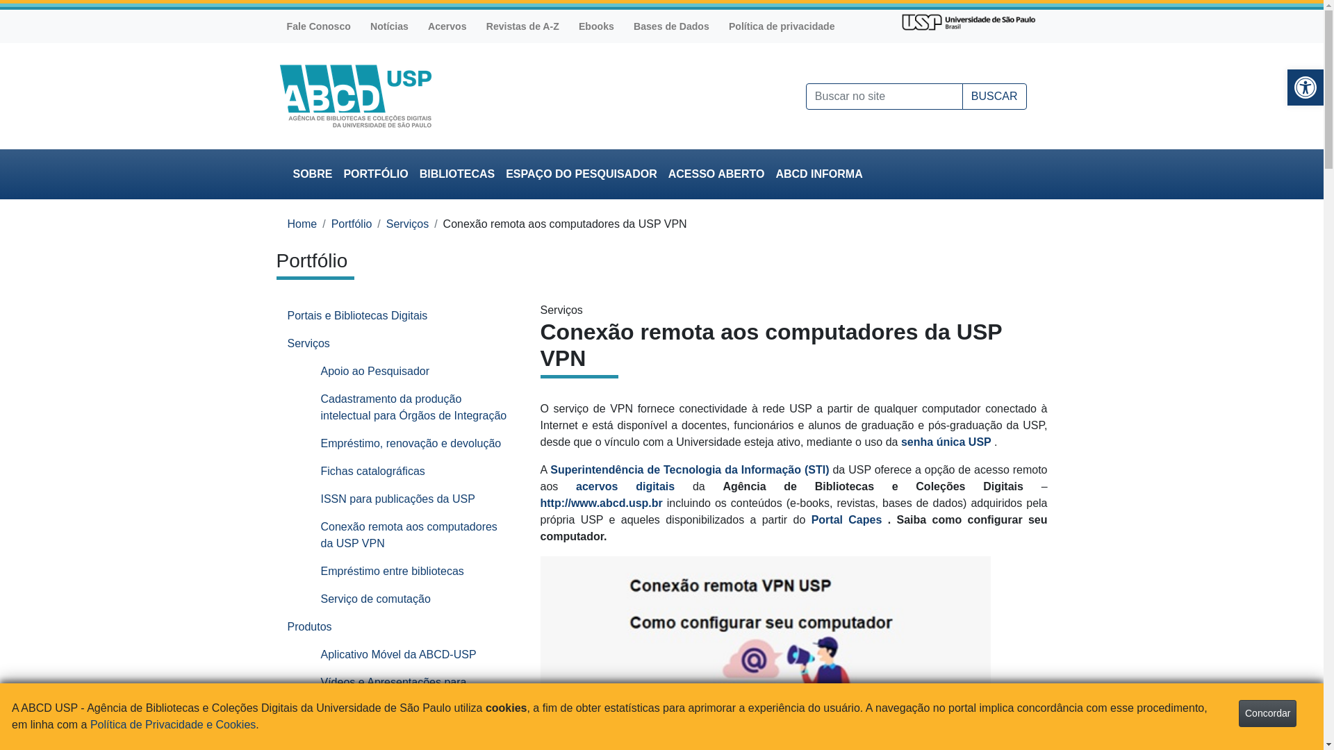 This screenshot has height=750, width=1334. I want to click on 'Ebooks', so click(596, 26).